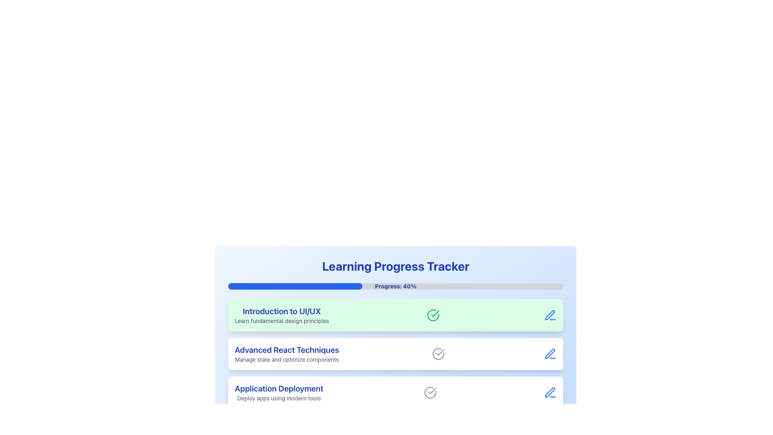 The width and height of the screenshot is (773, 435). Describe the element at coordinates (396, 286) in the screenshot. I see `progress text from the styled progress bar that indicates a completion of 40% and displays 'Progress: 40%' in a bold, blue font` at that location.